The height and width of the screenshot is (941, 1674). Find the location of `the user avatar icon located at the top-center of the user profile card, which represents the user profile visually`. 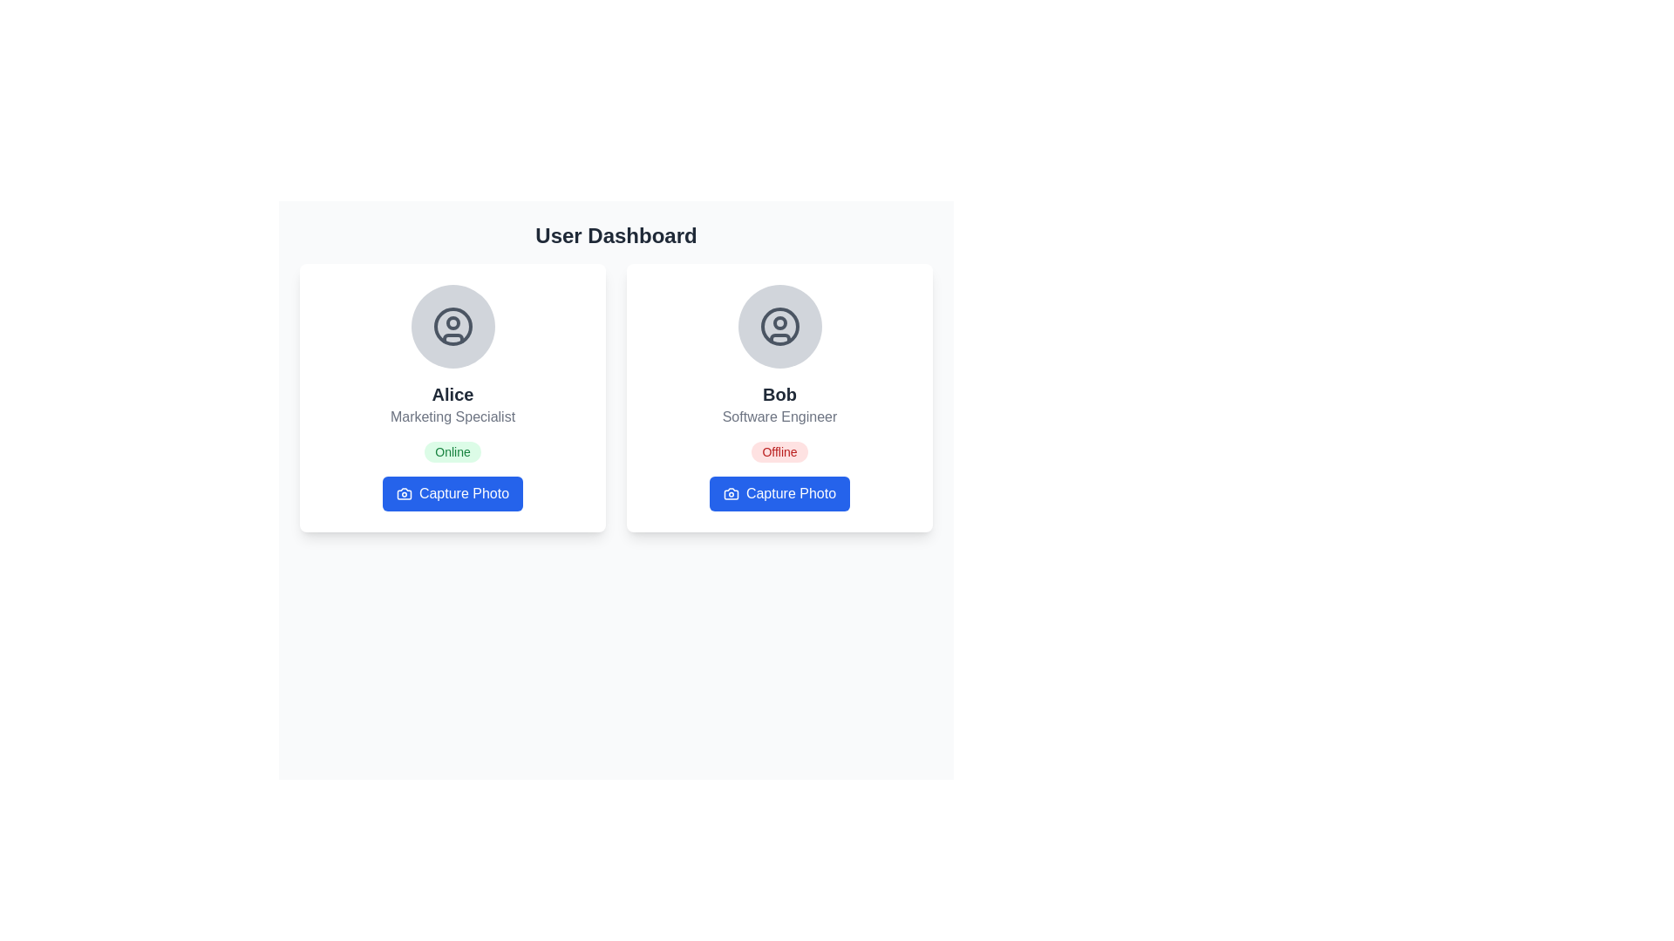

the user avatar icon located at the top-center of the user profile card, which represents the user profile visually is located at coordinates (453, 326).